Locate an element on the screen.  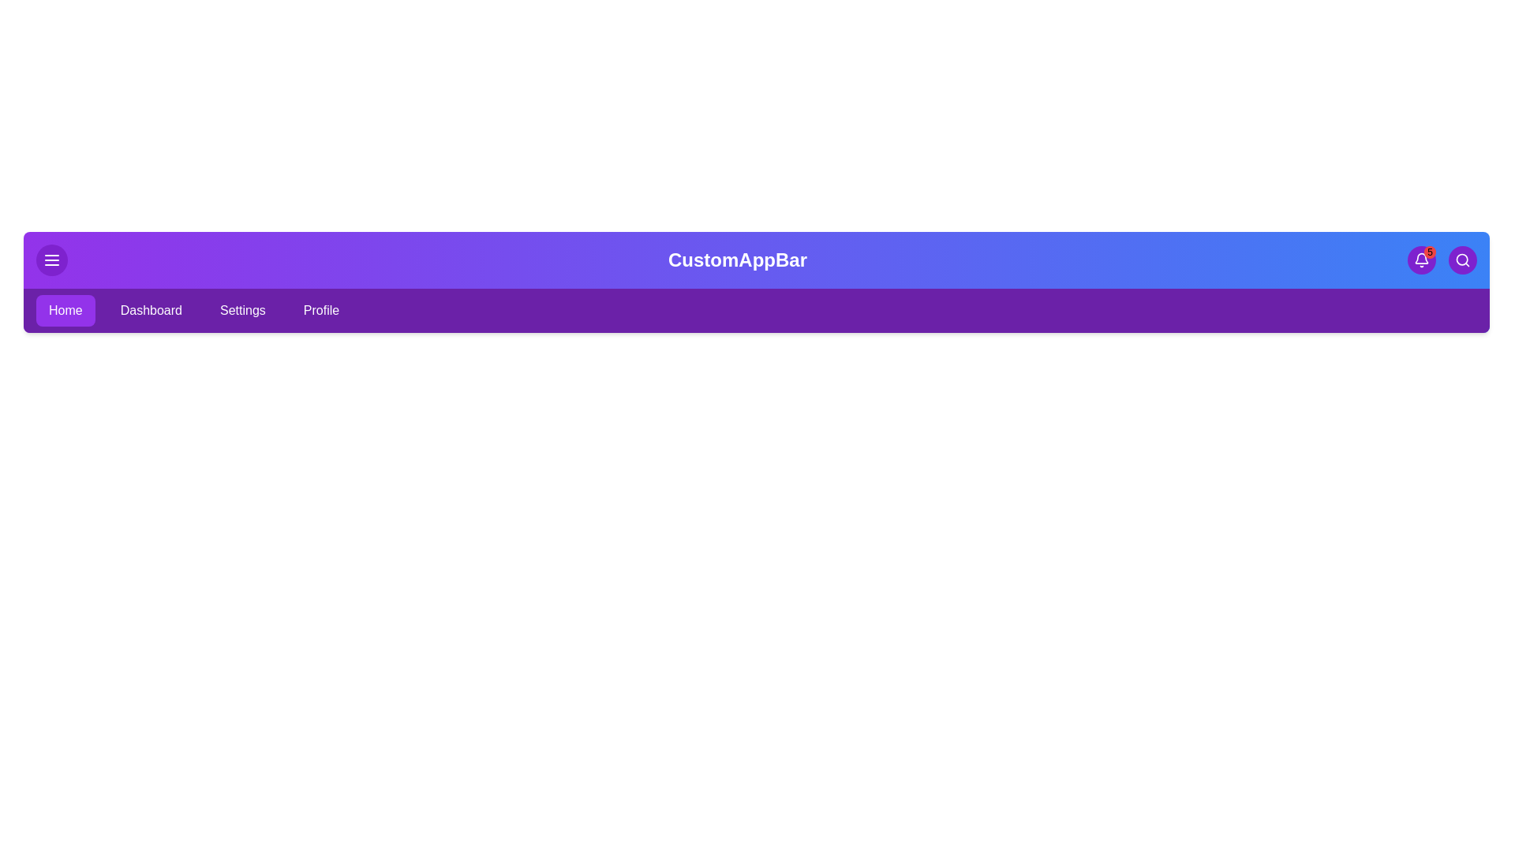
the Profile tab from the navigation bar is located at coordinates (320, 310).